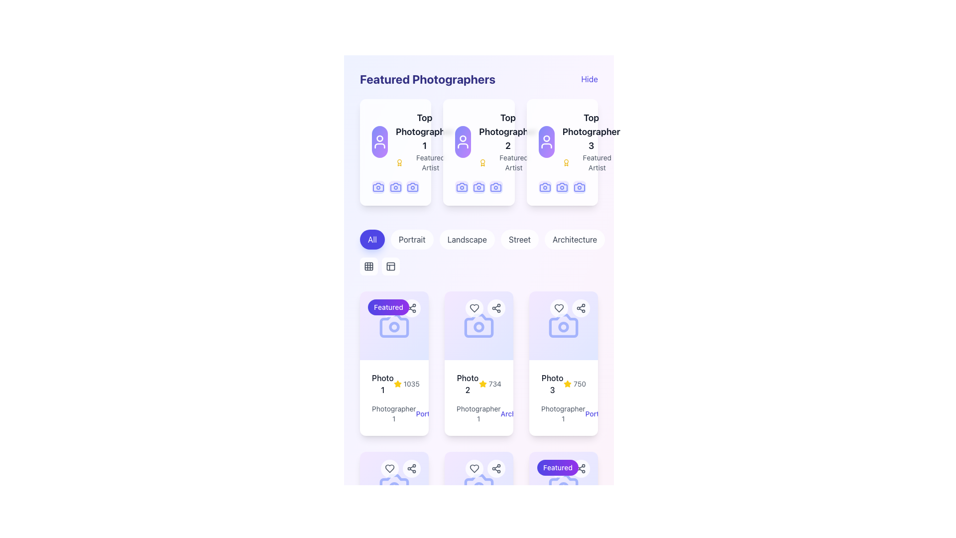 This screenshot has width=956, height=538. What do you see at coordinates (478, 187) in the screenshot?
I see `the camera icon with a gradient background` at bounding box center [478, 187].